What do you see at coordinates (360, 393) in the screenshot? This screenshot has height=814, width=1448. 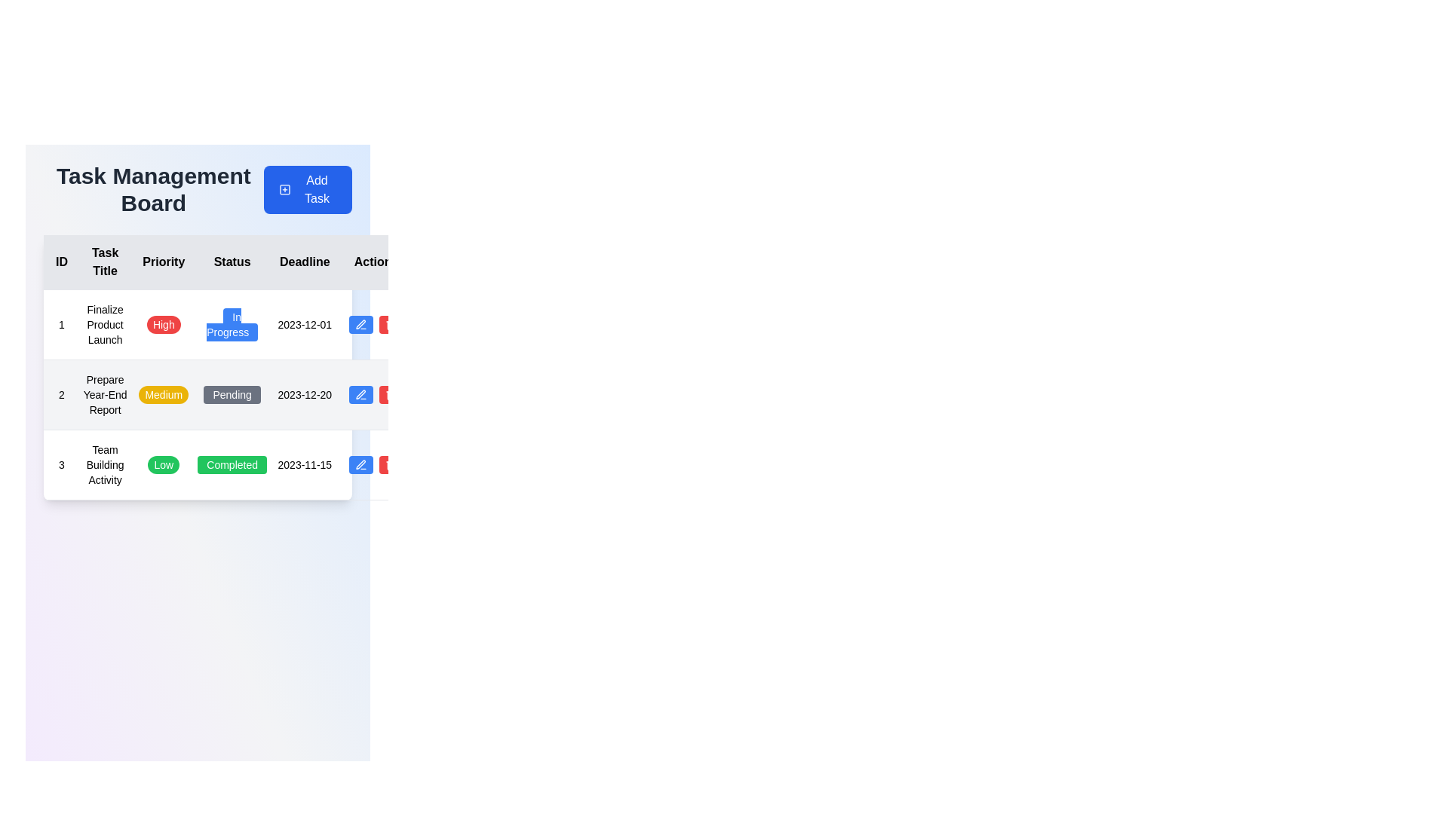 I see `the small blue-toned icon with a diagonal pen-like symbol in the 'Actions' column of the task management board to initiate an edit action for the task 'Prepare Year-End Report'` at bounding box center [360, 393].